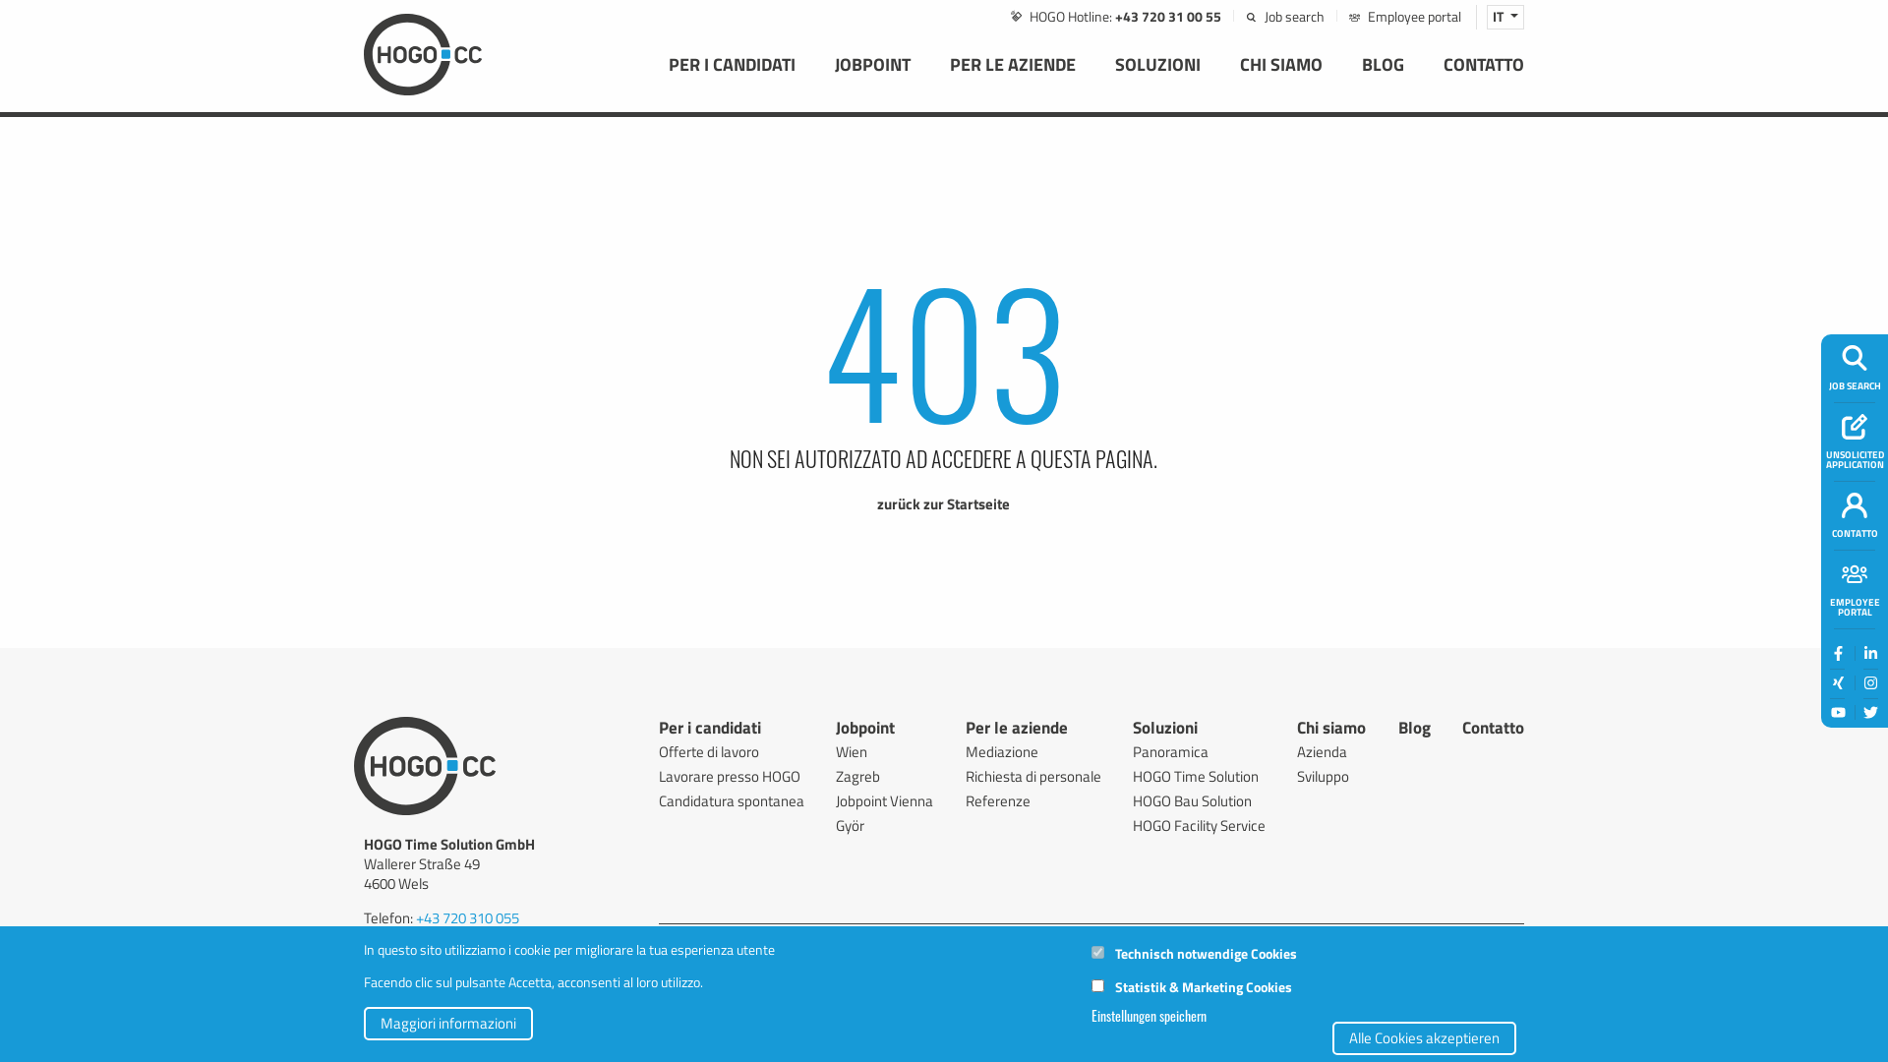  I want to click on 'Richiesta di personale', so click(966, 775).